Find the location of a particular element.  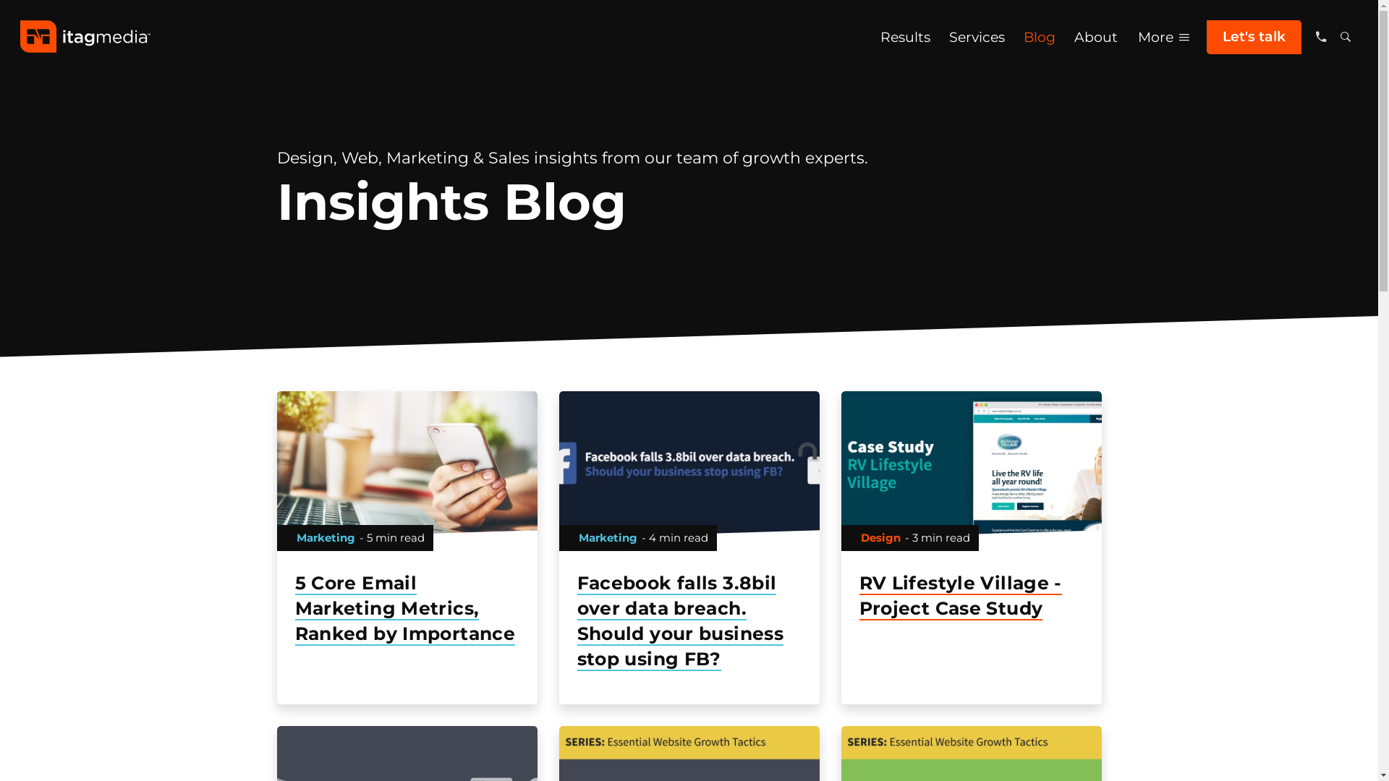

'About' is located at coordinates (1096, 36).